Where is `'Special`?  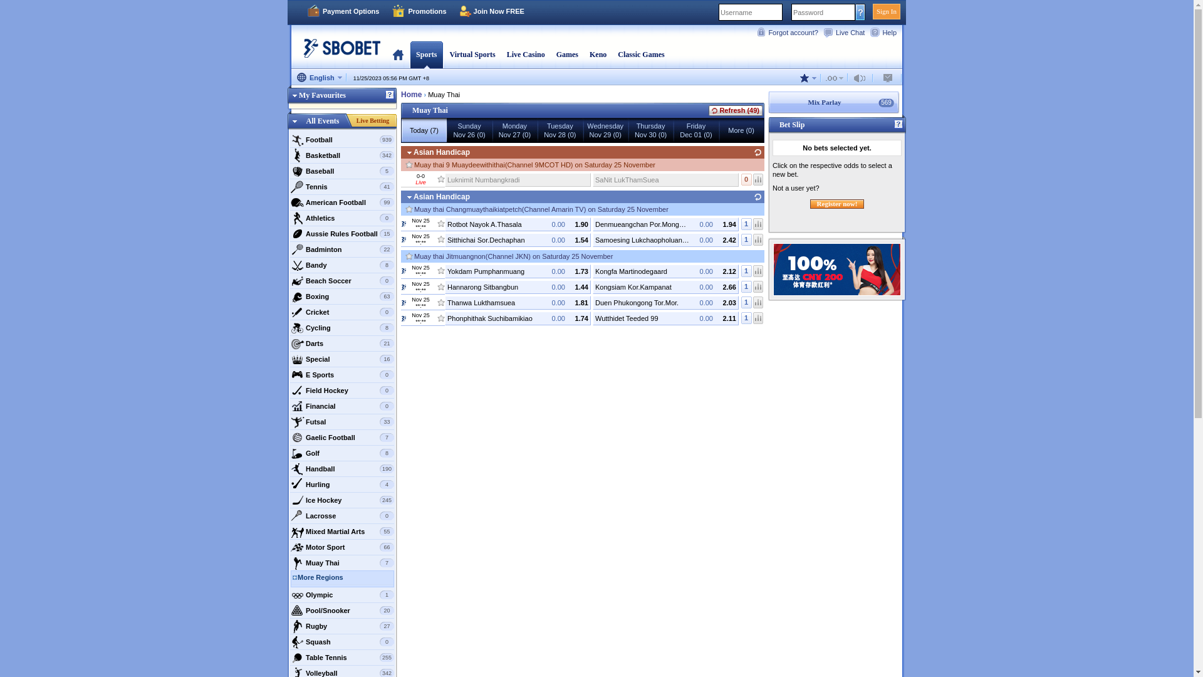
'Special is located at coordinates (342, 359).